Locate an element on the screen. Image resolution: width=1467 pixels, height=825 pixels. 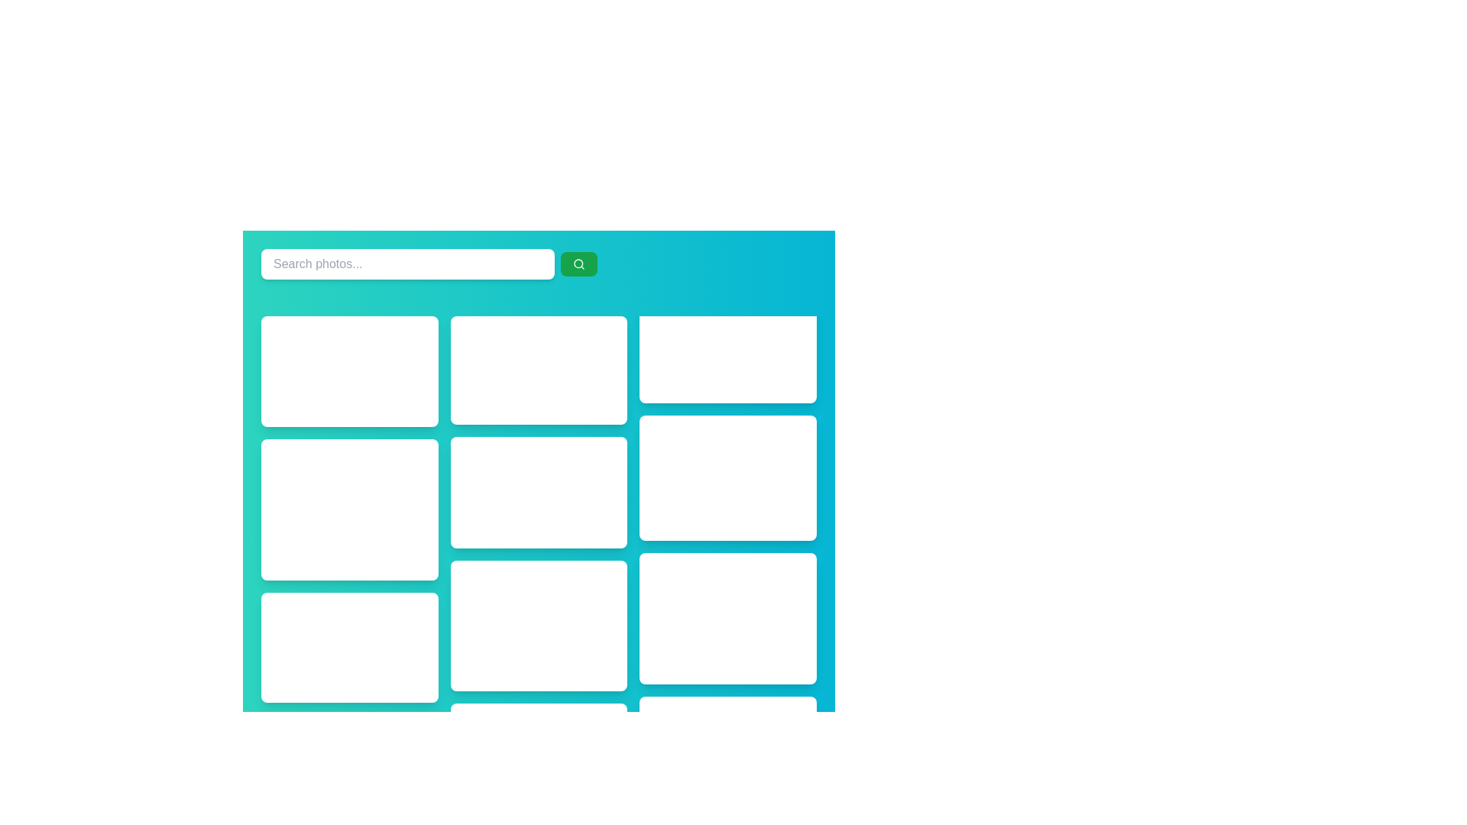
the bold, white text label displaying 'Photo 3', which is centrally positioned in the bottom-left cell of a grid layout is located at coordinates (348, 647).